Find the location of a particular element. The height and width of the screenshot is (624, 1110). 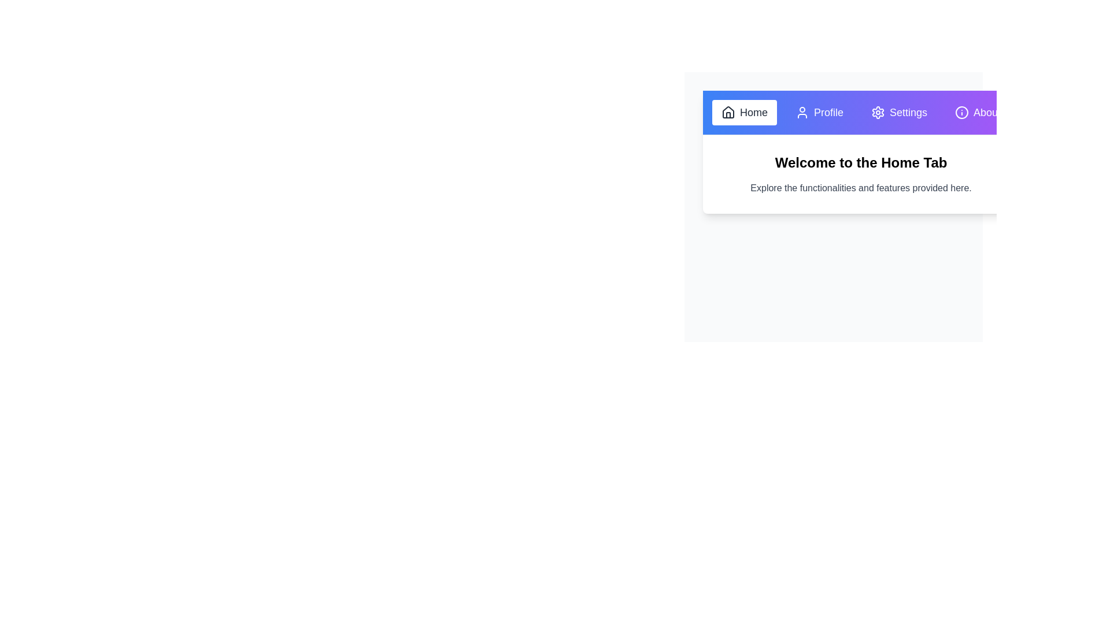

text content of the introductory Text label located beneath the bold heading 'Welcome to the Home Tab' is located at coordinates (861, 188).